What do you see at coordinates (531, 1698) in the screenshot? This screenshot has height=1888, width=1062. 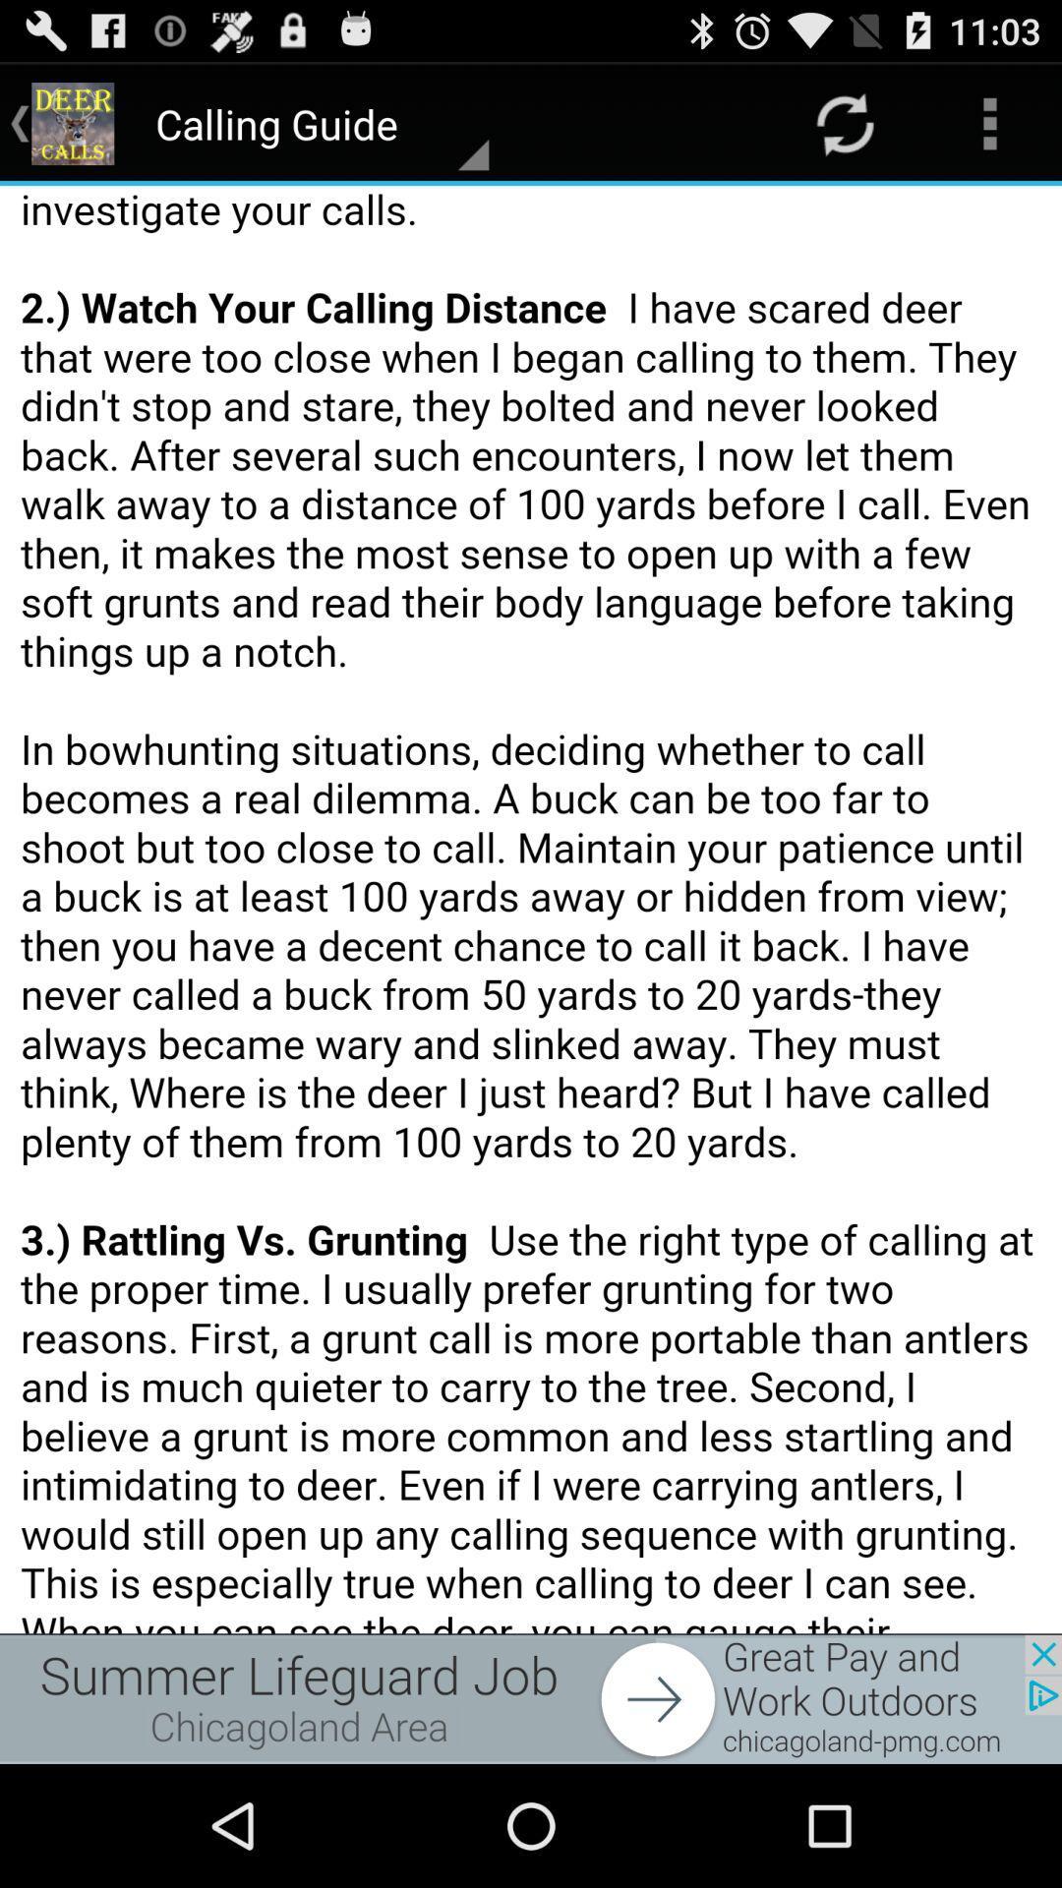 I see `the option` at bounding box center [531, 1698].